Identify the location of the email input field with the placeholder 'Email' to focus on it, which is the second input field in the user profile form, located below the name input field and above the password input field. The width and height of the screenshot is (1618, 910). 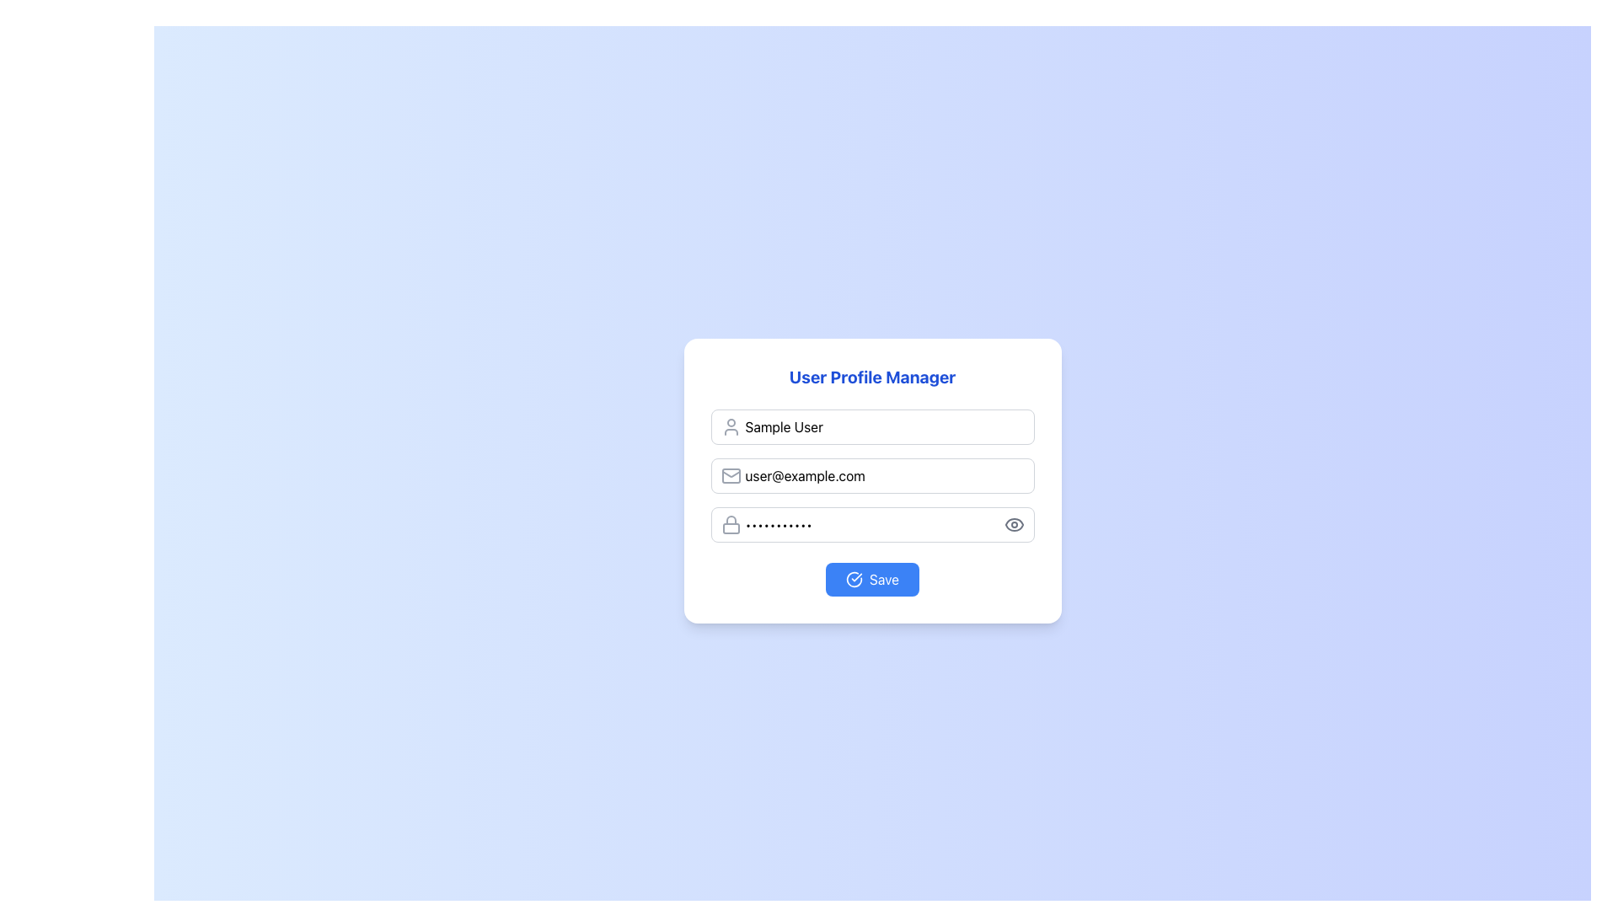
(872, 475).